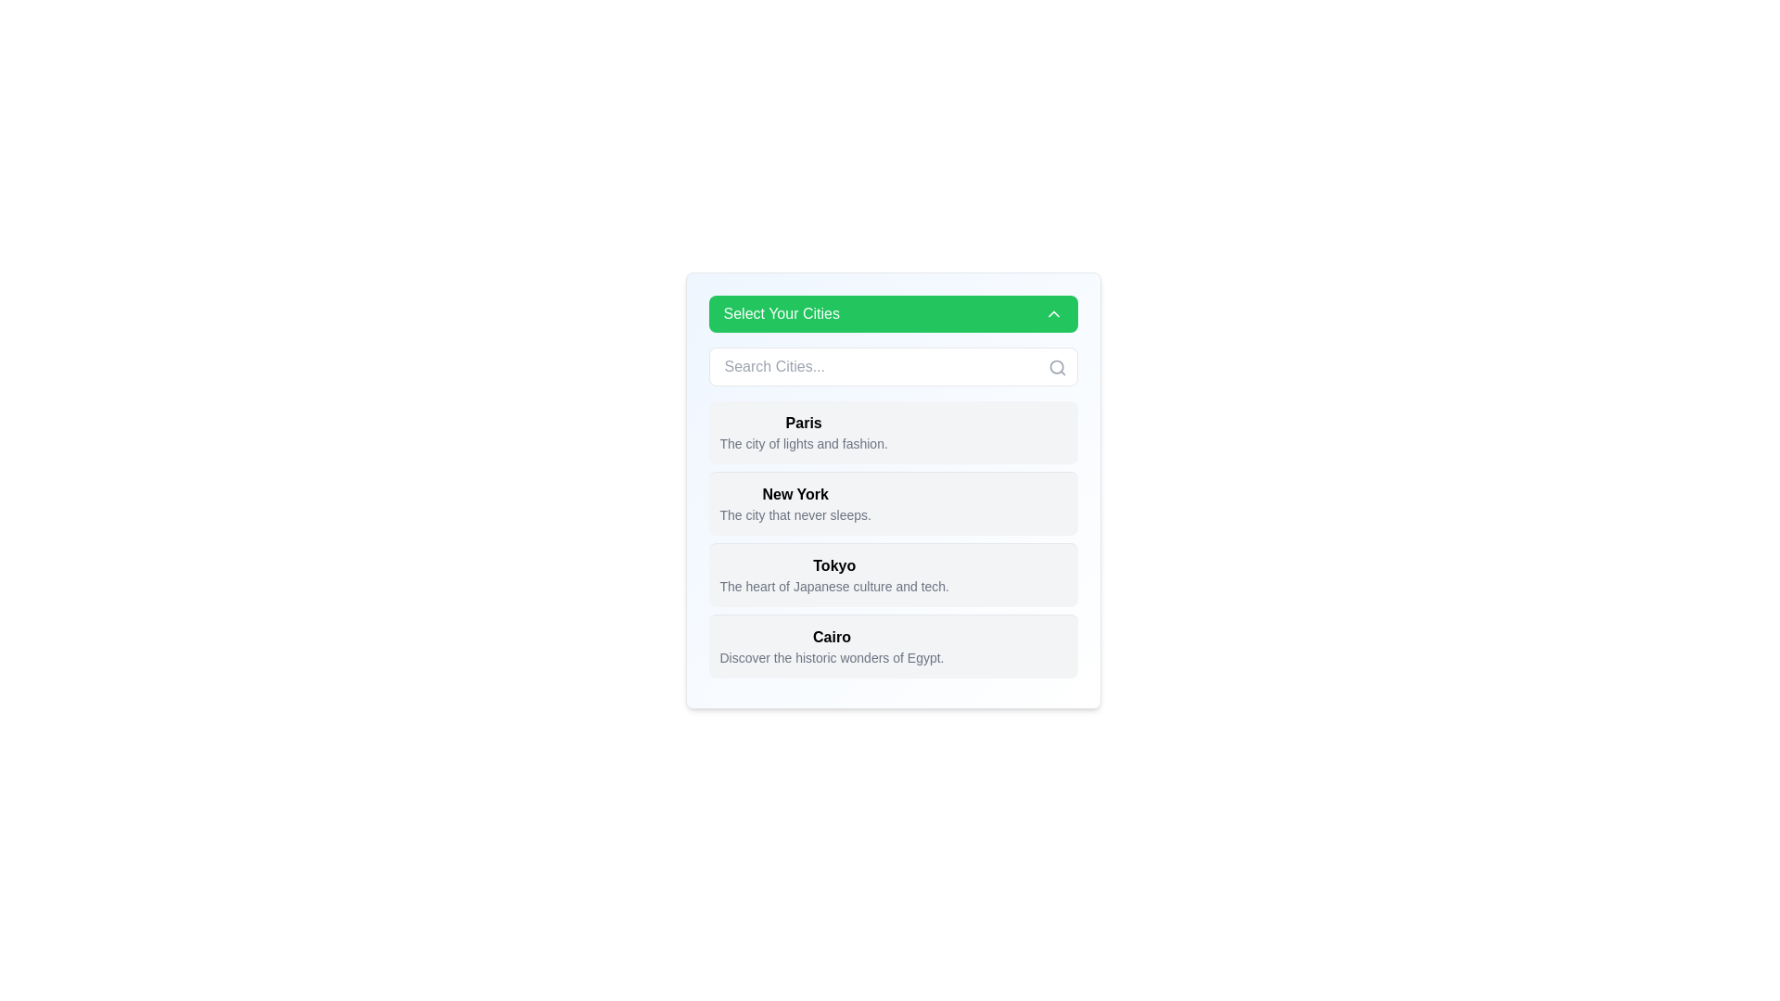 The width and height of the screenshot is (1780, 1001). Describe the element at coordinates (1053, 313) in the screenshot. I see `the upward-pointing chevron icon located in the green header bar` at that location.